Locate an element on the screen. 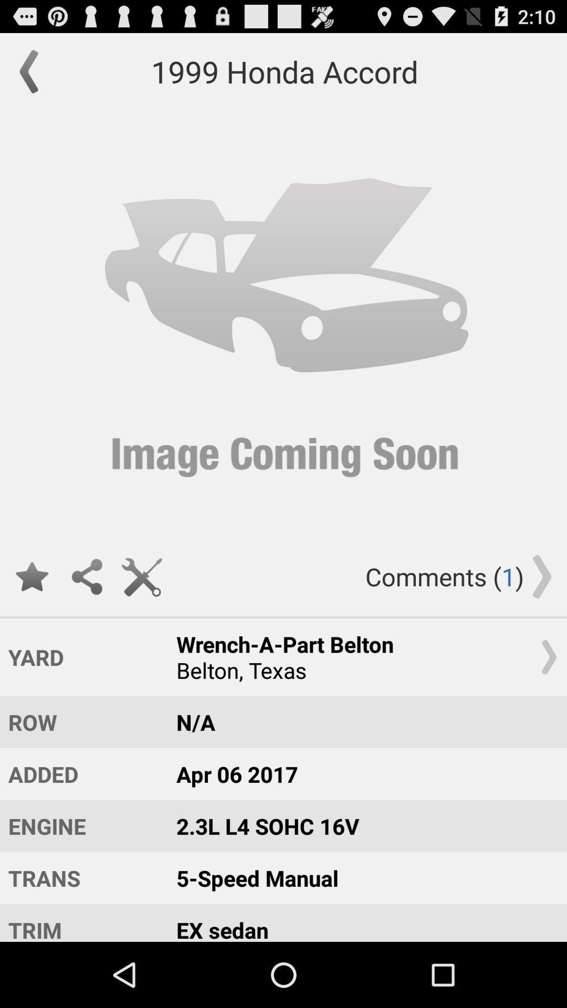  the icon to the right of the row icon is located at coordinates (361, 774).